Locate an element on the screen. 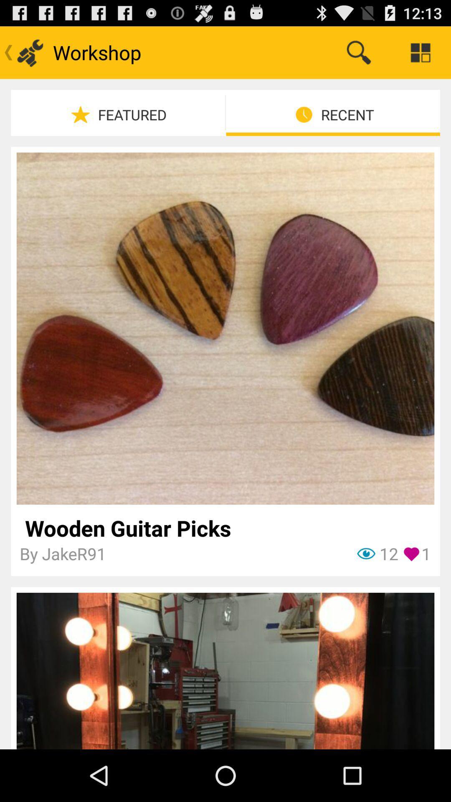 This screenshot has width=451, height=802. the item next to workshop item is located at coordinates (358, 52).